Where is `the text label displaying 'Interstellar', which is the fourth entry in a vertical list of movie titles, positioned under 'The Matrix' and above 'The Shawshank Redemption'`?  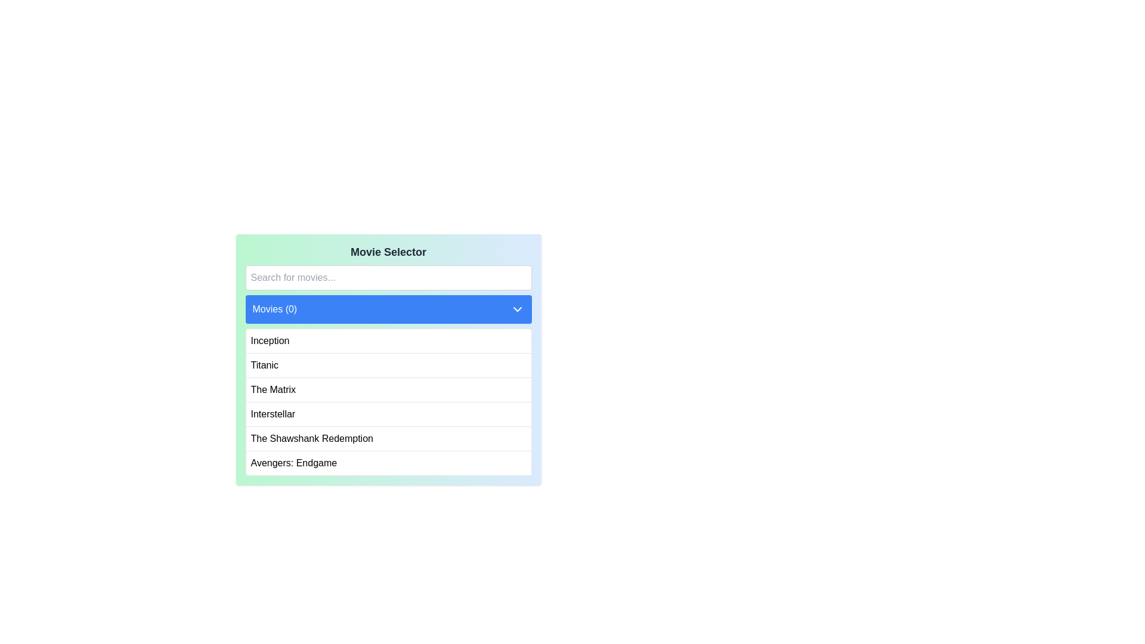
the text label displaying 'Interstellar', which is the fourth entry in a vertical list of movie titles, positioned under 'The Matrix' and above 'The Shawshank Redemption' is located at coordinates (272, 413).